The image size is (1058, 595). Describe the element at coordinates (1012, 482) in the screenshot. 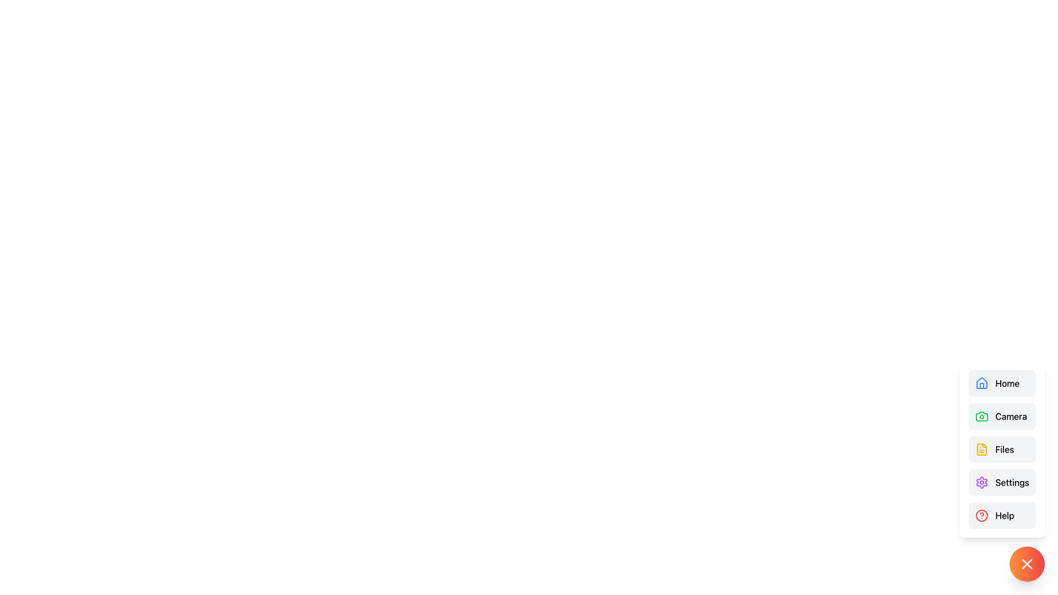

I see `the 'Settings' text label located in the right-side menu` at that location.